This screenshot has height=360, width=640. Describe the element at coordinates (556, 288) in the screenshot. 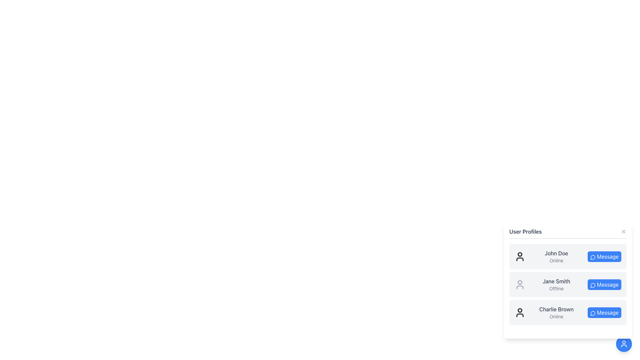

I see `the status text label indicating that user 'Jane Smith' is not currently online, which is positioned below the 'Jane Smith' name label in the user profiles list` at that location.